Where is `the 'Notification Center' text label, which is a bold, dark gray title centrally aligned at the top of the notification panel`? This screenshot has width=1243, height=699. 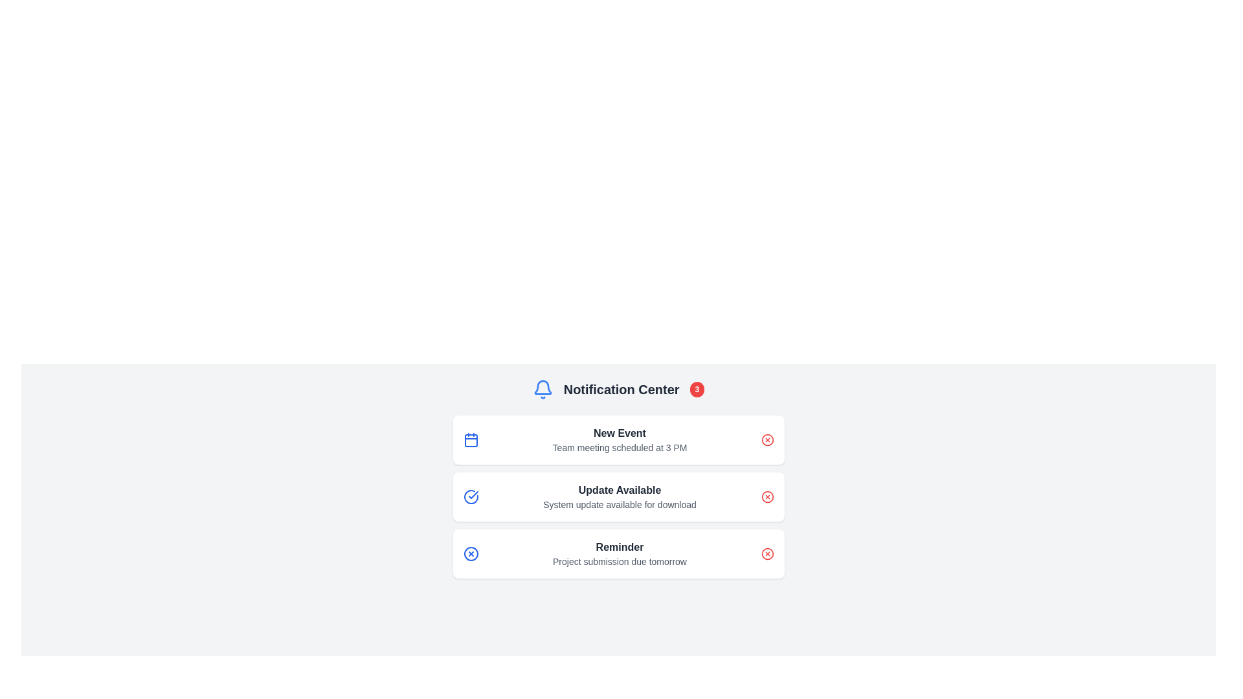 the 'Notification Center' text label, which is a bold, dark gray title centrally aligned at the top of the notification panel is located at coordinates (621, 388).